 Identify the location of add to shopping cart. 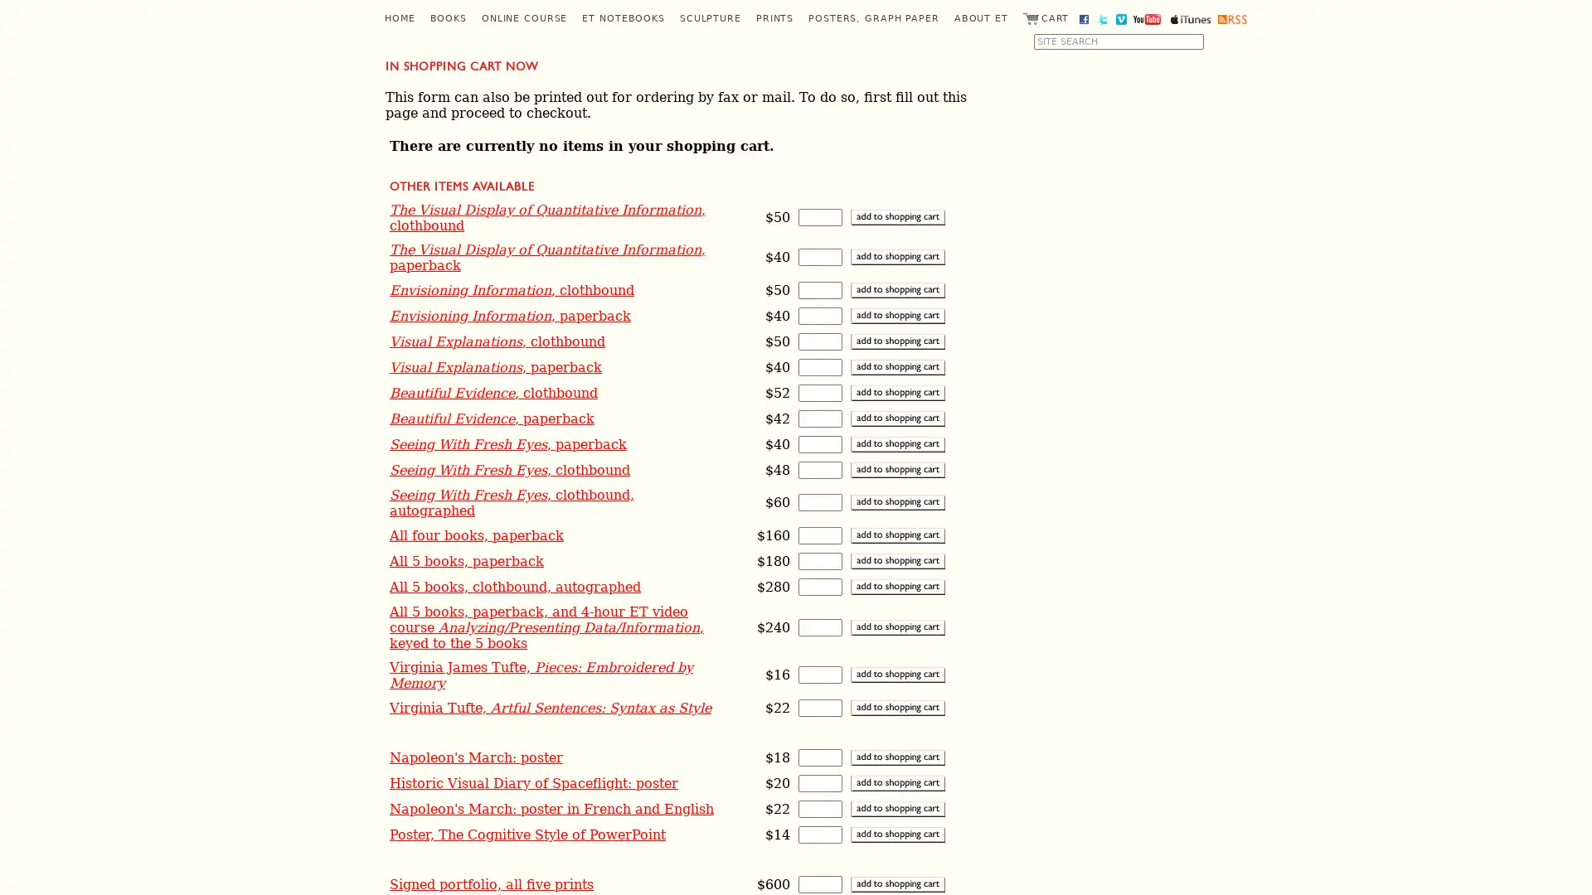
(897, 535).